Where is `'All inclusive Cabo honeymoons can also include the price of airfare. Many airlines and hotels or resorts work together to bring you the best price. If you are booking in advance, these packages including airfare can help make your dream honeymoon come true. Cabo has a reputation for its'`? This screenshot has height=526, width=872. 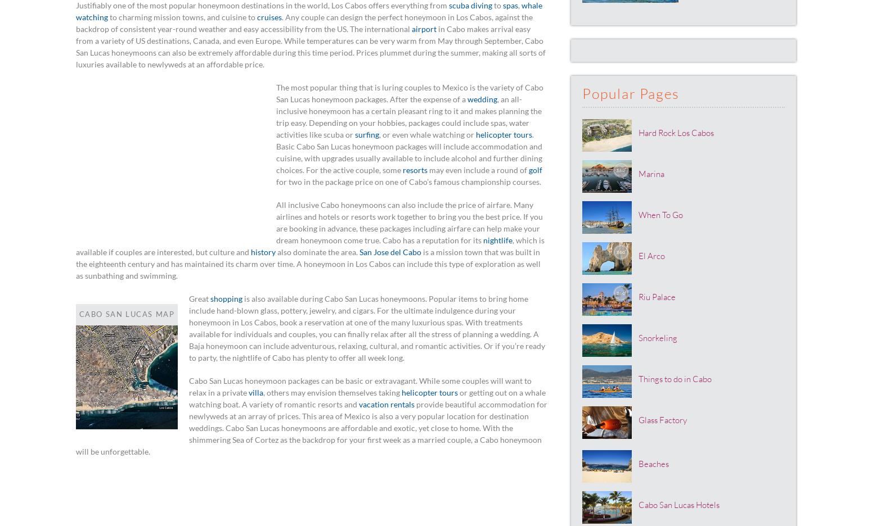
'All inclusive Cabo honeymoons can also include the price of airfare. Many airlines and hotels or resorts work together to bring you the best price. If you are booking in advance, these packages including airfare can help make your dream honeymoon come true. Cabo has a reputation for its' is located at coordinates (410, 222).